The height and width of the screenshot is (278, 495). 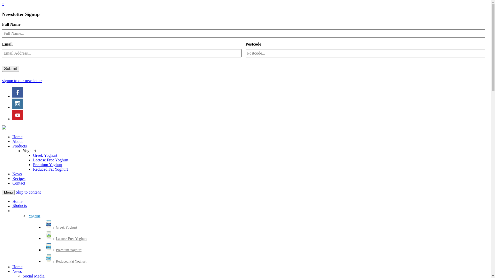 I want to click on 'Menu', so click(x=8, y=192).